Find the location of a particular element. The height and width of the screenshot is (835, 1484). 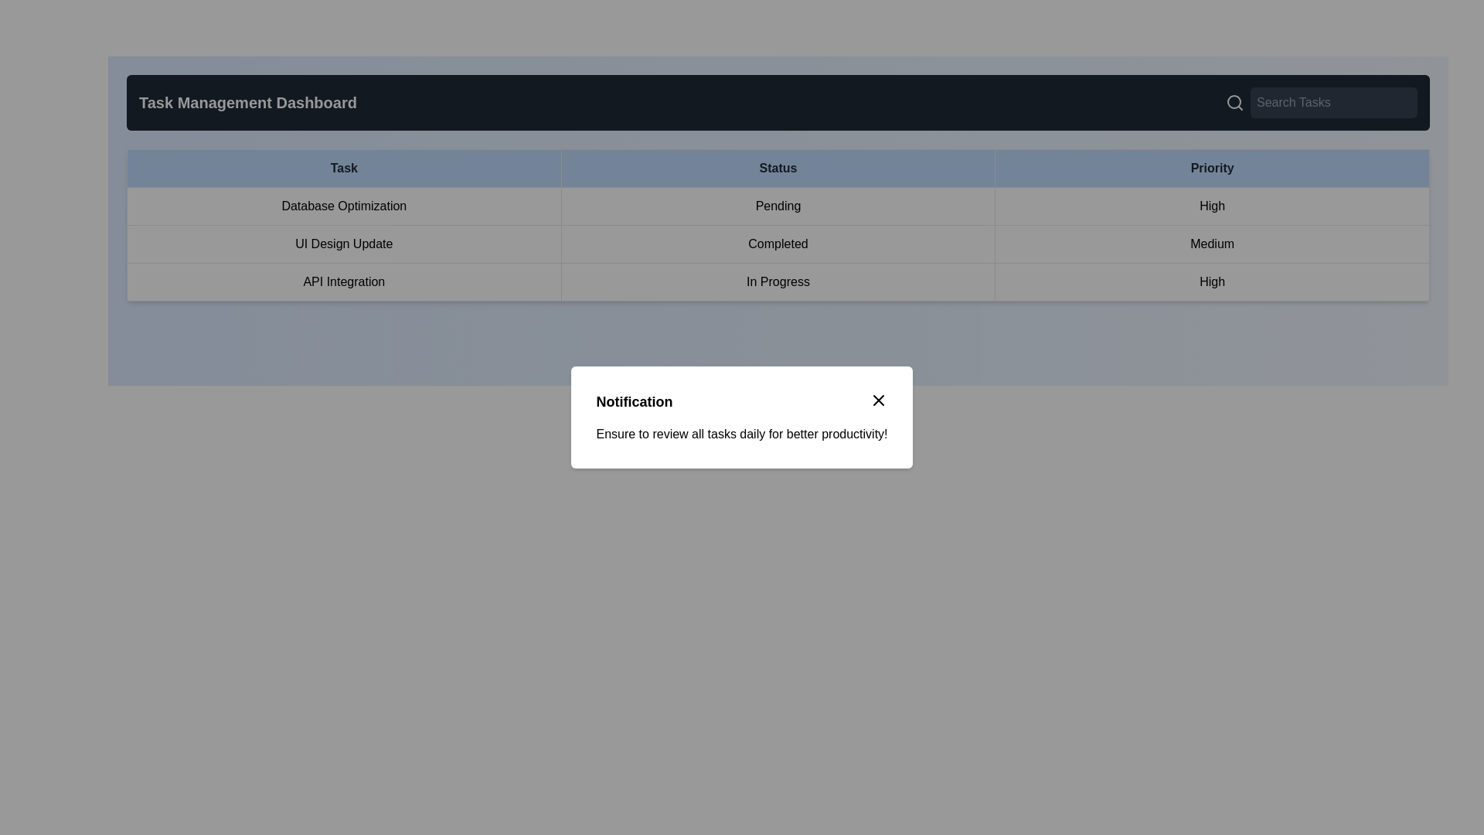

the table header label indicating the priority level of items, which is the third column in the table header row is located at coordinates (1211, 169).